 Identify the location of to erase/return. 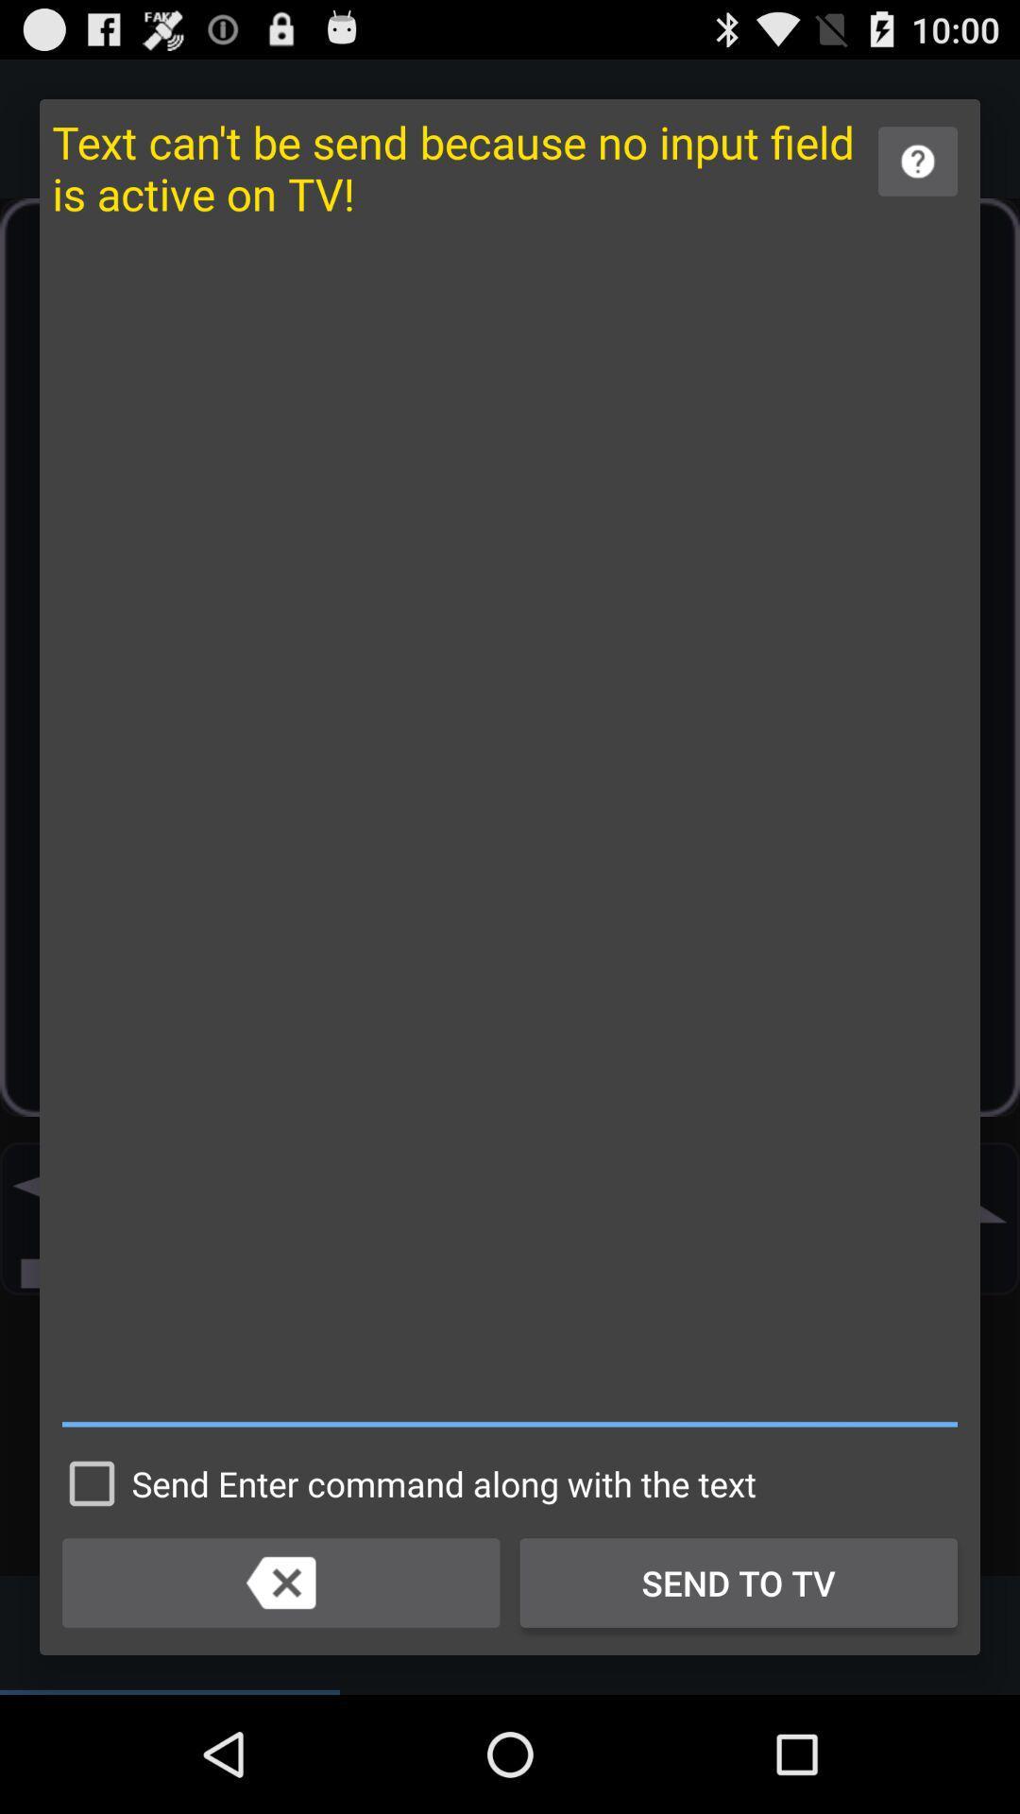
(280, 1583).